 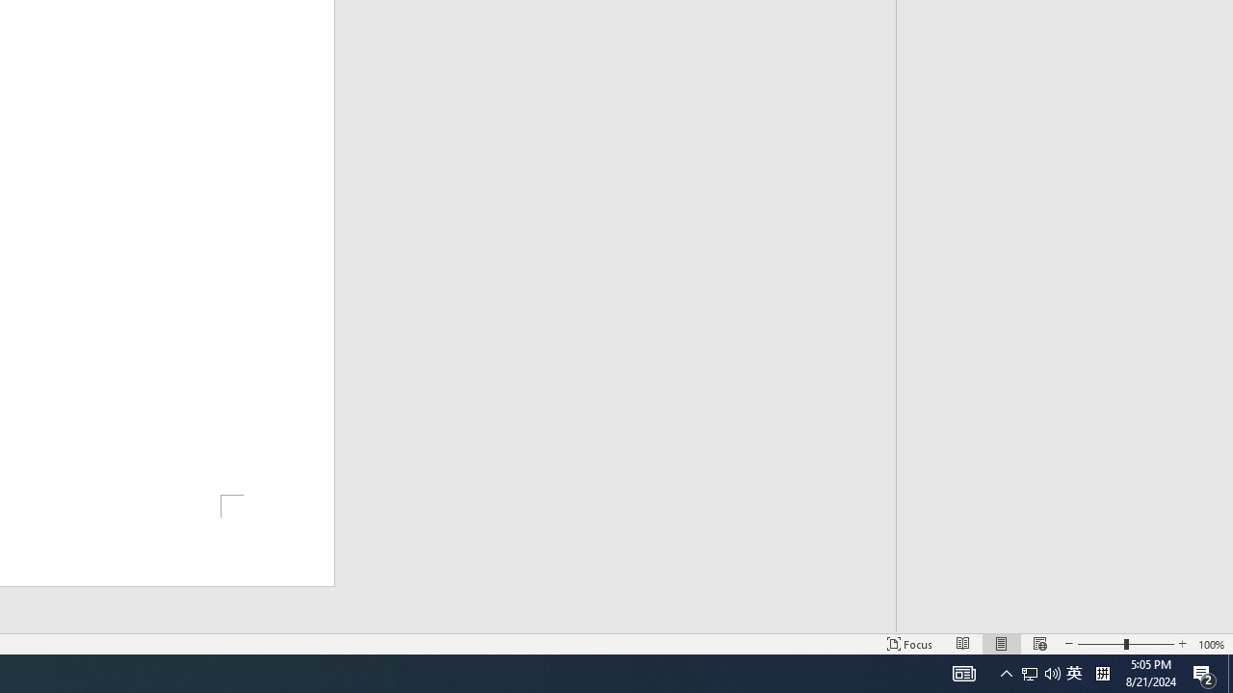 What do you see at coordinates (1229, 672) in the screenshot?
I see `'Show desktop'` at bounding box center [1229, 672].